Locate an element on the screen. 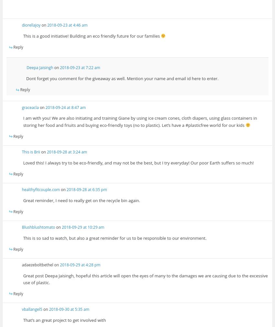  '2018-09-23 at 7:22 am' is located at coordinates (80, 67).